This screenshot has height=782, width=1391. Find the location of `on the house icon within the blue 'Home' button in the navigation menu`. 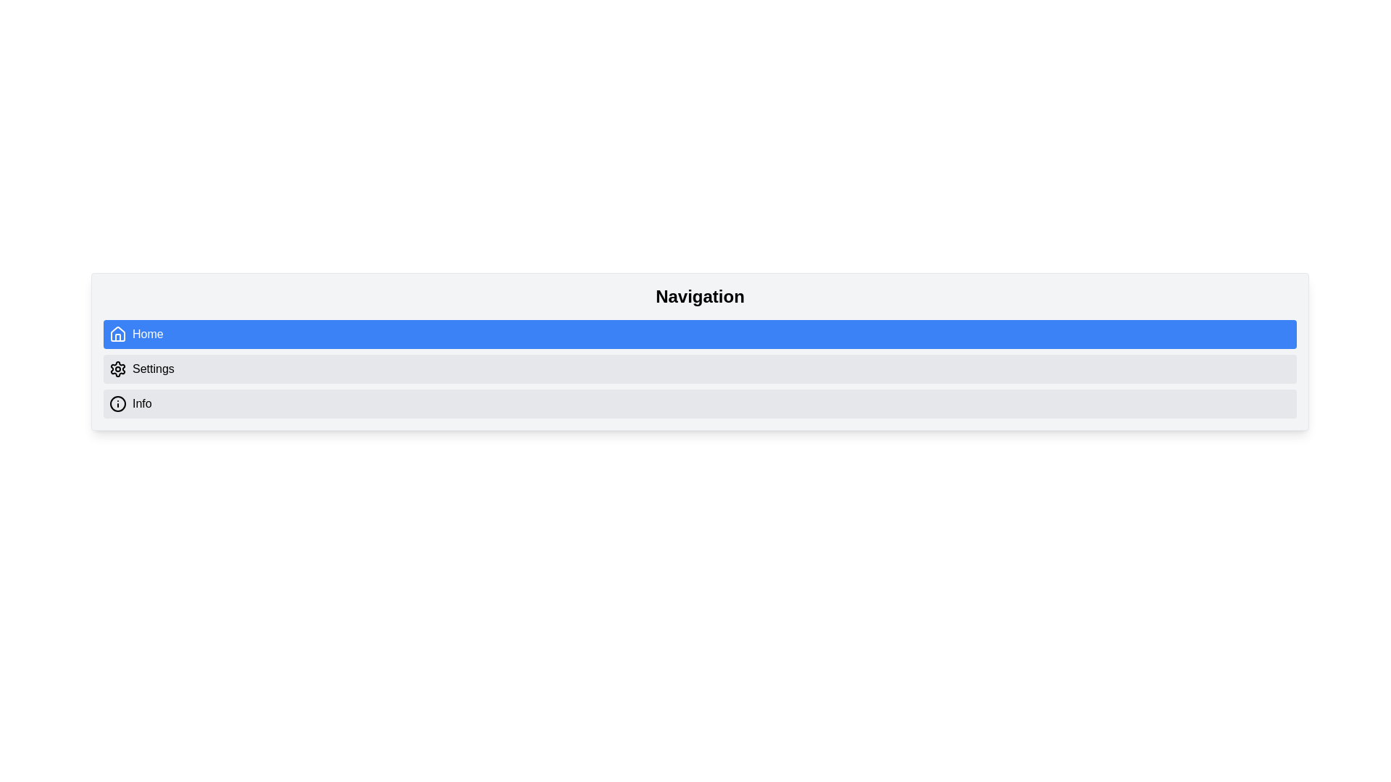

on the house icon within the blue 'Home' button in the navigation menu is located at coordinates (118, 335).